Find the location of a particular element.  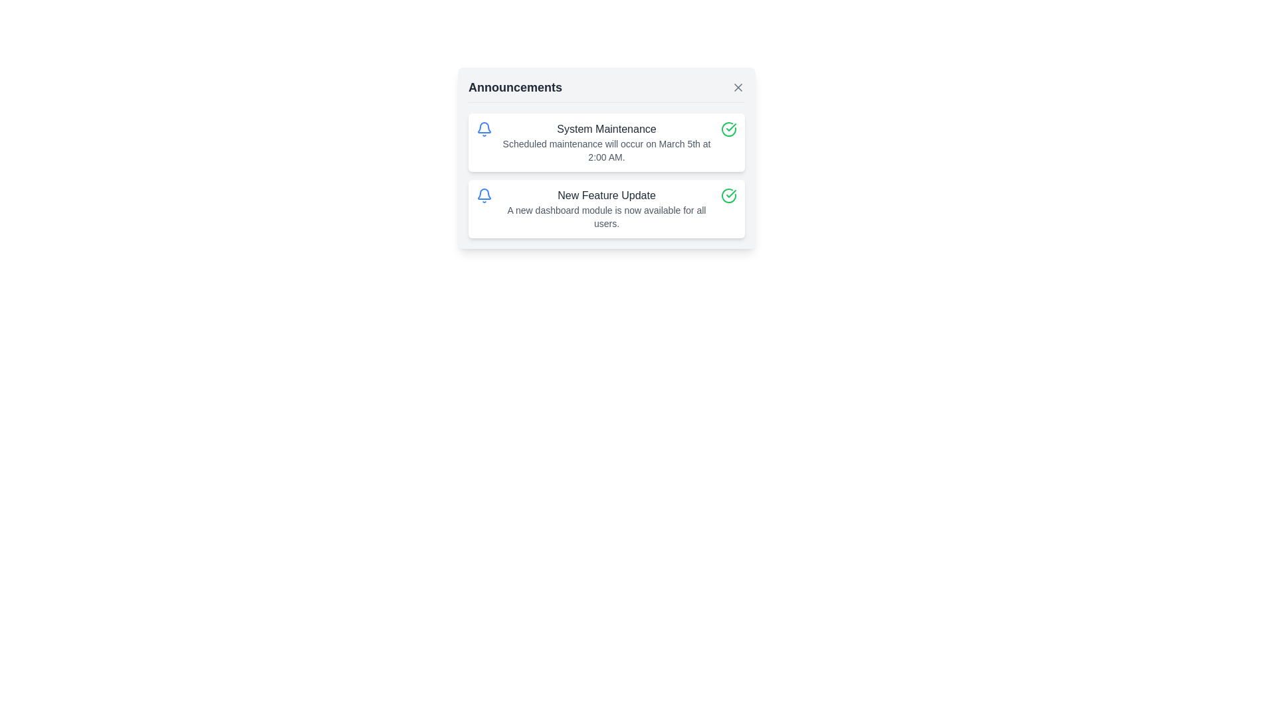

text content of the heading that displays 'System Maintenance' in dark gray color, located at the top of the announcements panel is located at coordinates (605, 129).